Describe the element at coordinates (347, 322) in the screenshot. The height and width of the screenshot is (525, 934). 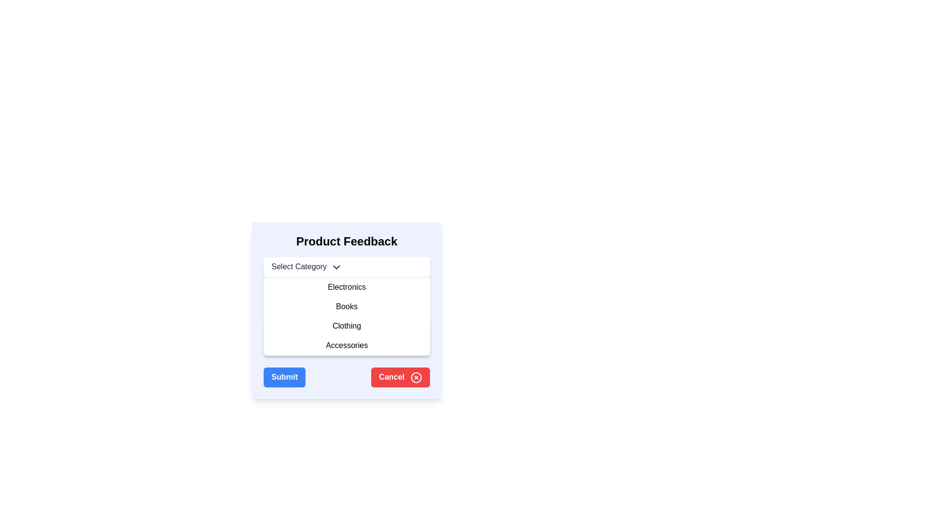
I see `an option from the 'Select Category' dropdown menu located in the 'Product Feedback' panel` at that location.